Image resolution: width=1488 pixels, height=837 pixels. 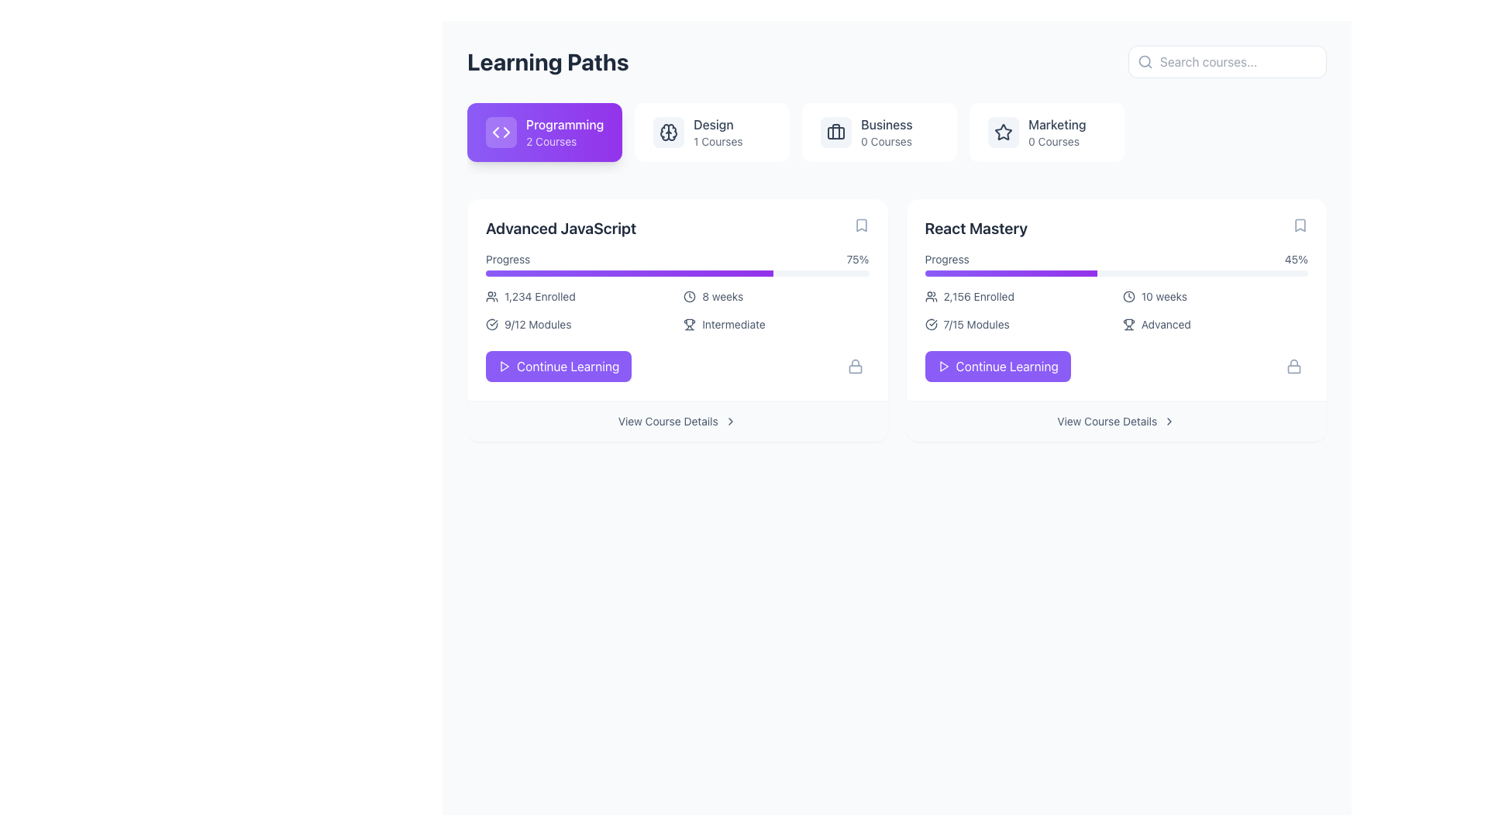 What do you see at coordinates (689, 322) in the screenshot?
I see `the decorative icon indicating the difficulty level of the 'Advanced JavaScript' course, located in the bottom-right section of the card` at bounding box center [689, 322].